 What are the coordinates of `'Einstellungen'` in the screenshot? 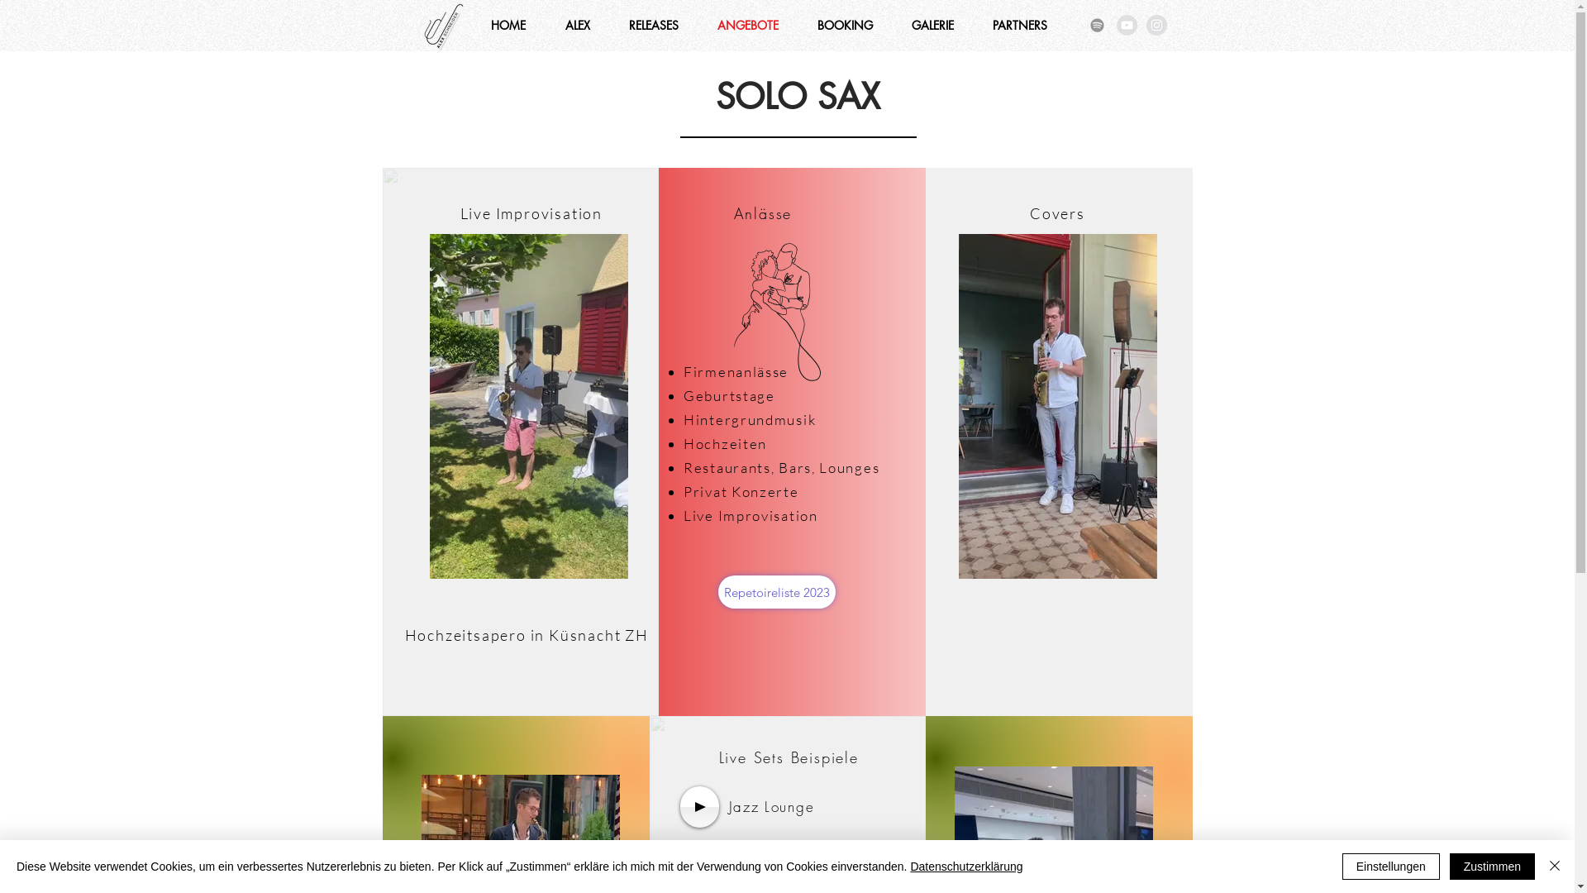 It's located at (1390, 866).